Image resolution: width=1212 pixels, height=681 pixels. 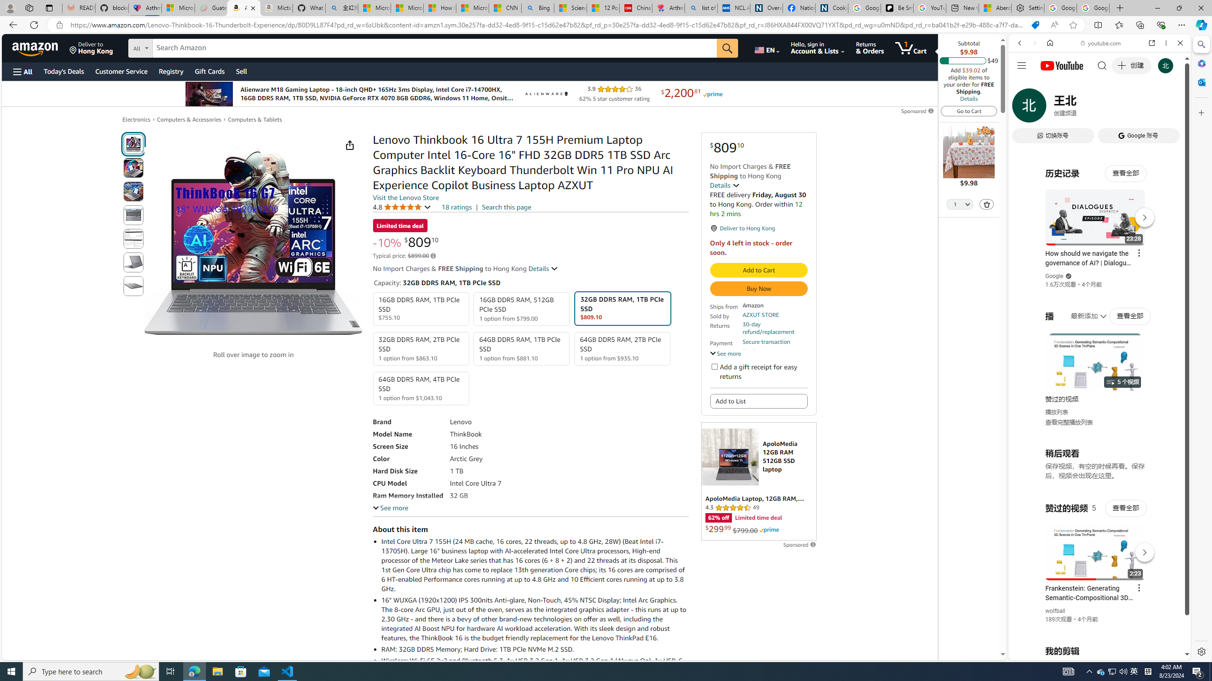 I want to click on 'Search this page', so click(x=506, y=206).